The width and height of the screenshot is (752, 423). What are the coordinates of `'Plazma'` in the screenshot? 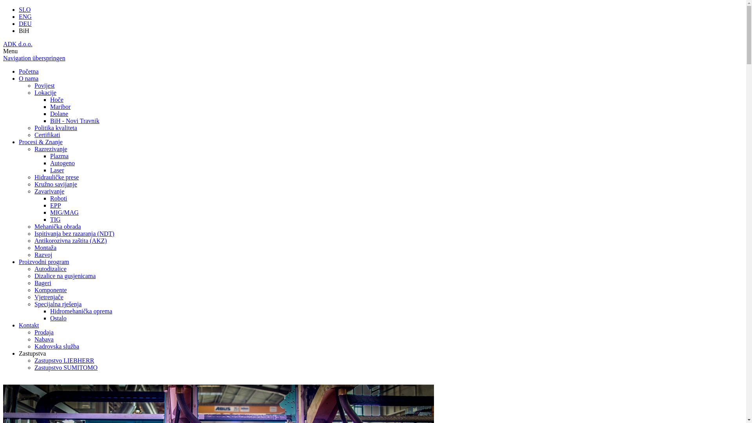 It's located at (59, 156).